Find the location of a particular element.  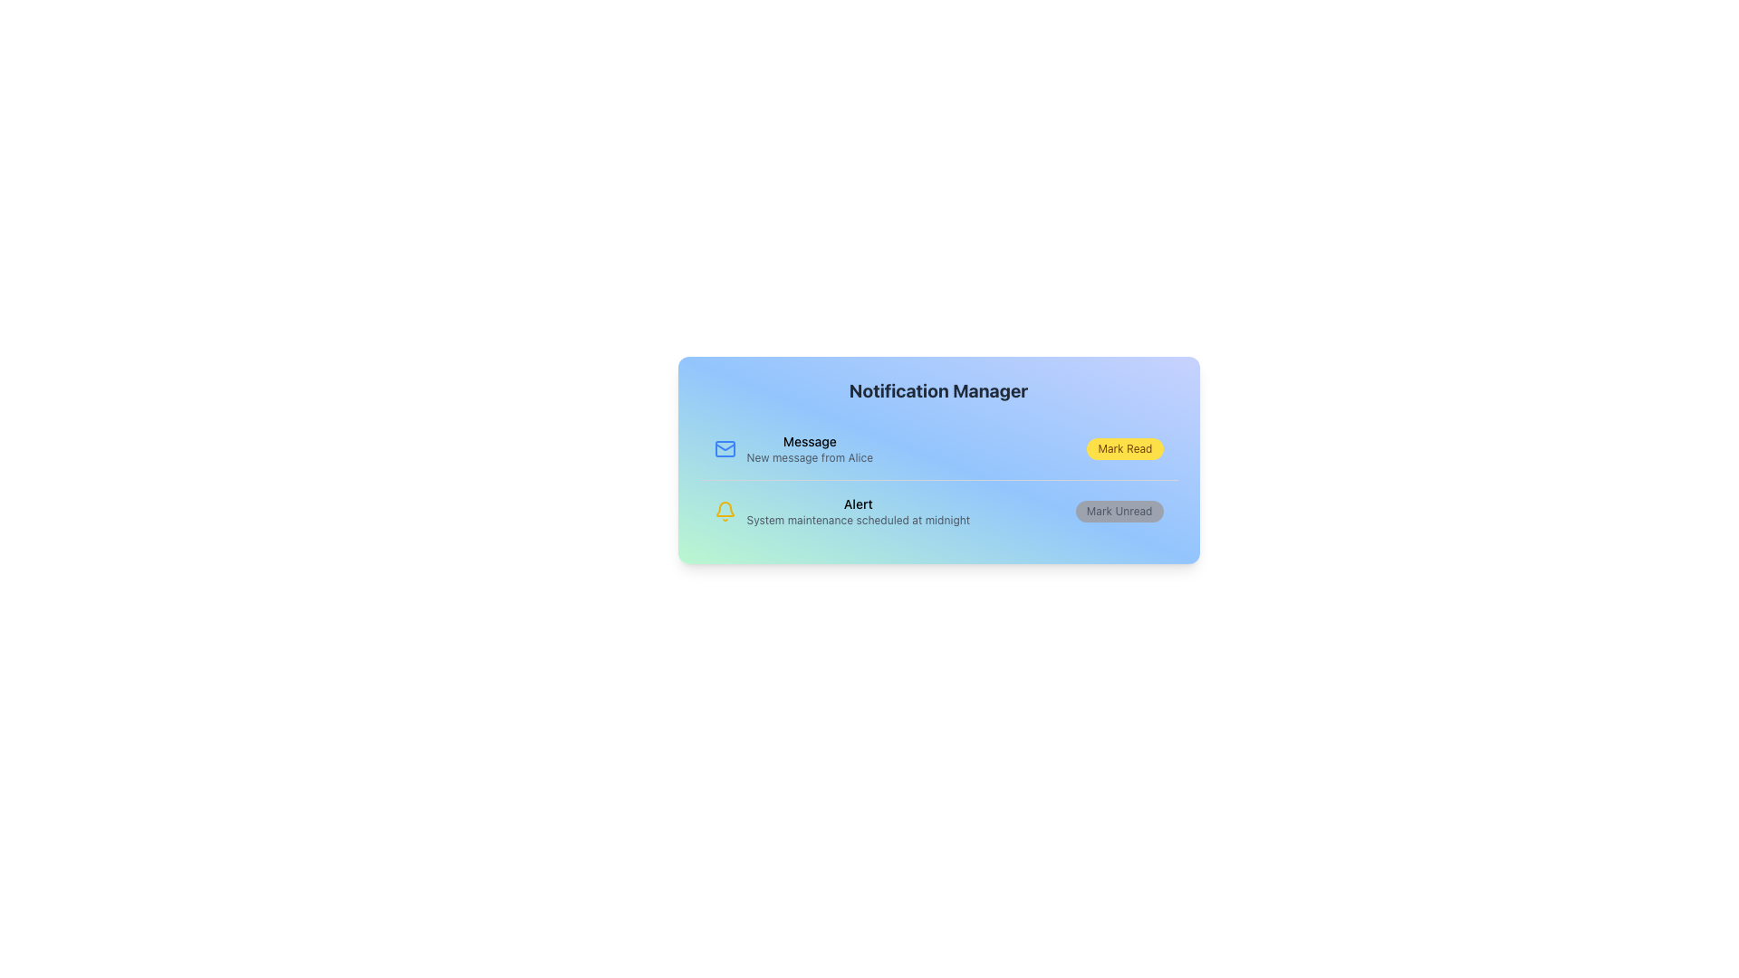

the Notification card containing the yellow bell icon with the title 'Alert' and subtitle 'System maintenance scheduled at midnight' is located at coordinates (938, 511).